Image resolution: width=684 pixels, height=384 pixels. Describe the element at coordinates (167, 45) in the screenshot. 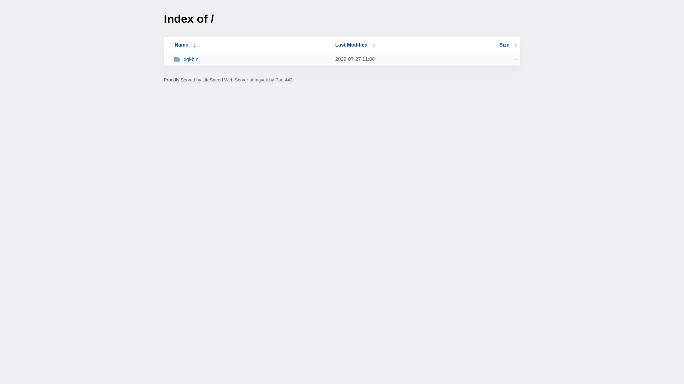

I see `'Name'` at that location.